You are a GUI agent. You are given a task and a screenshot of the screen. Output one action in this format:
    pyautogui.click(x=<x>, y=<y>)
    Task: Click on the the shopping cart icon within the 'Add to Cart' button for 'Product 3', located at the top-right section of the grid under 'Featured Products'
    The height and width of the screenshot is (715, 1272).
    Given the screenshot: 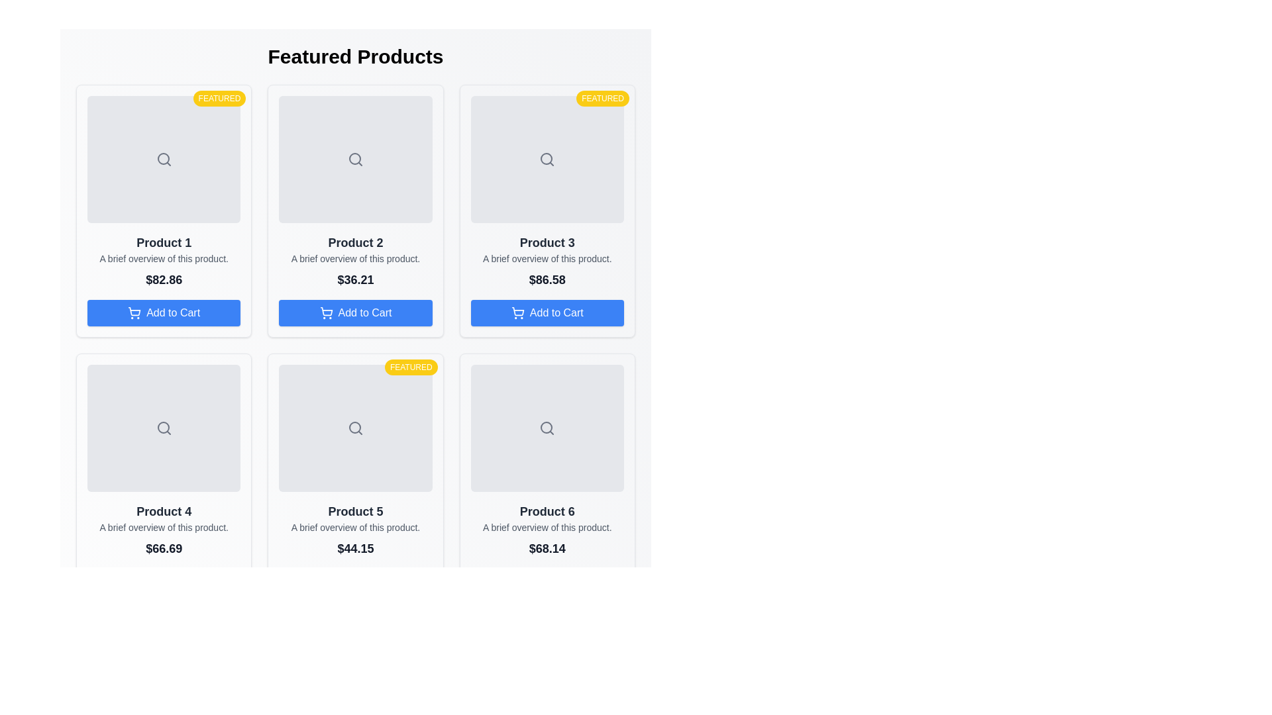 What is the action you would take?
    pyautogui.click(x=517, y=311)
    